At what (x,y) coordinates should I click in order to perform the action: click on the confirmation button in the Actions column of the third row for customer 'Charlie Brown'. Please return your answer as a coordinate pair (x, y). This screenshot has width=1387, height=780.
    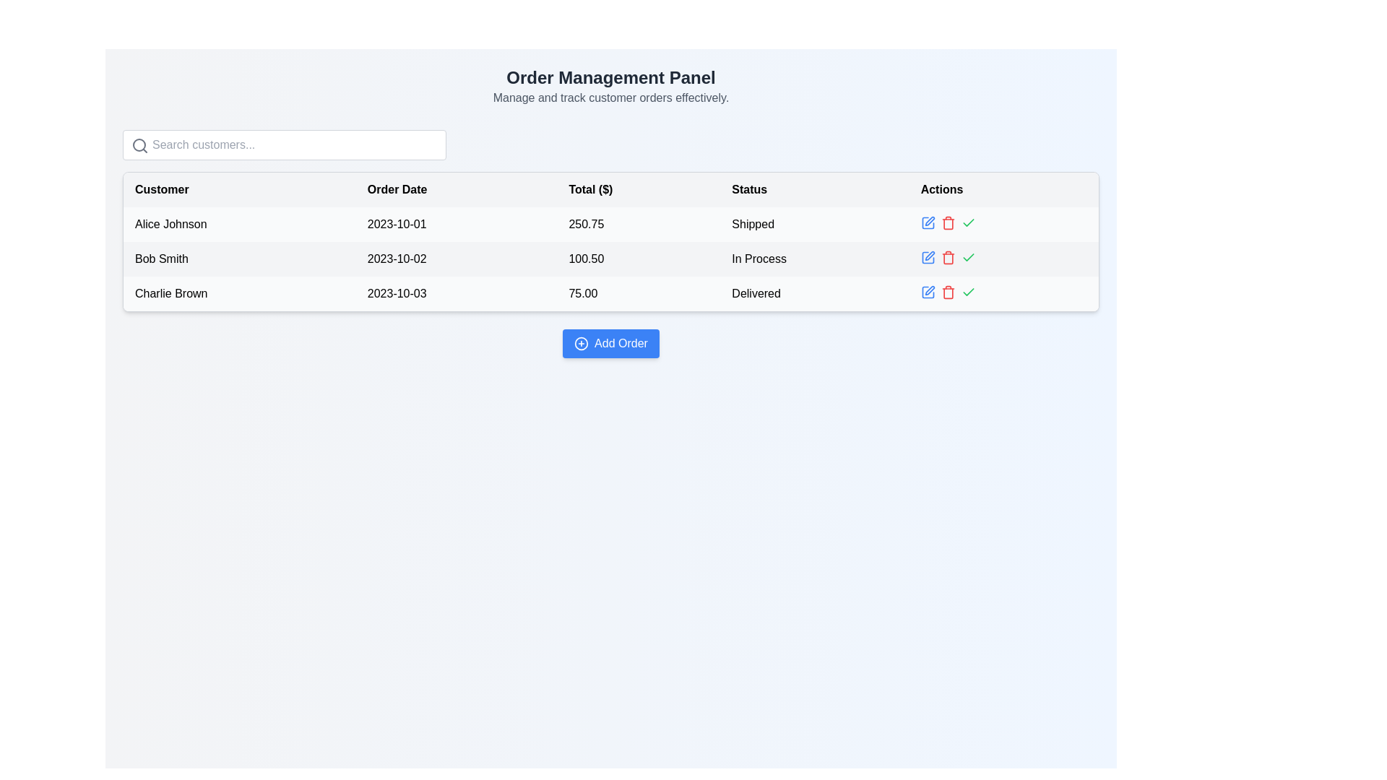
    Looking at the image, I should click on (968, 292).